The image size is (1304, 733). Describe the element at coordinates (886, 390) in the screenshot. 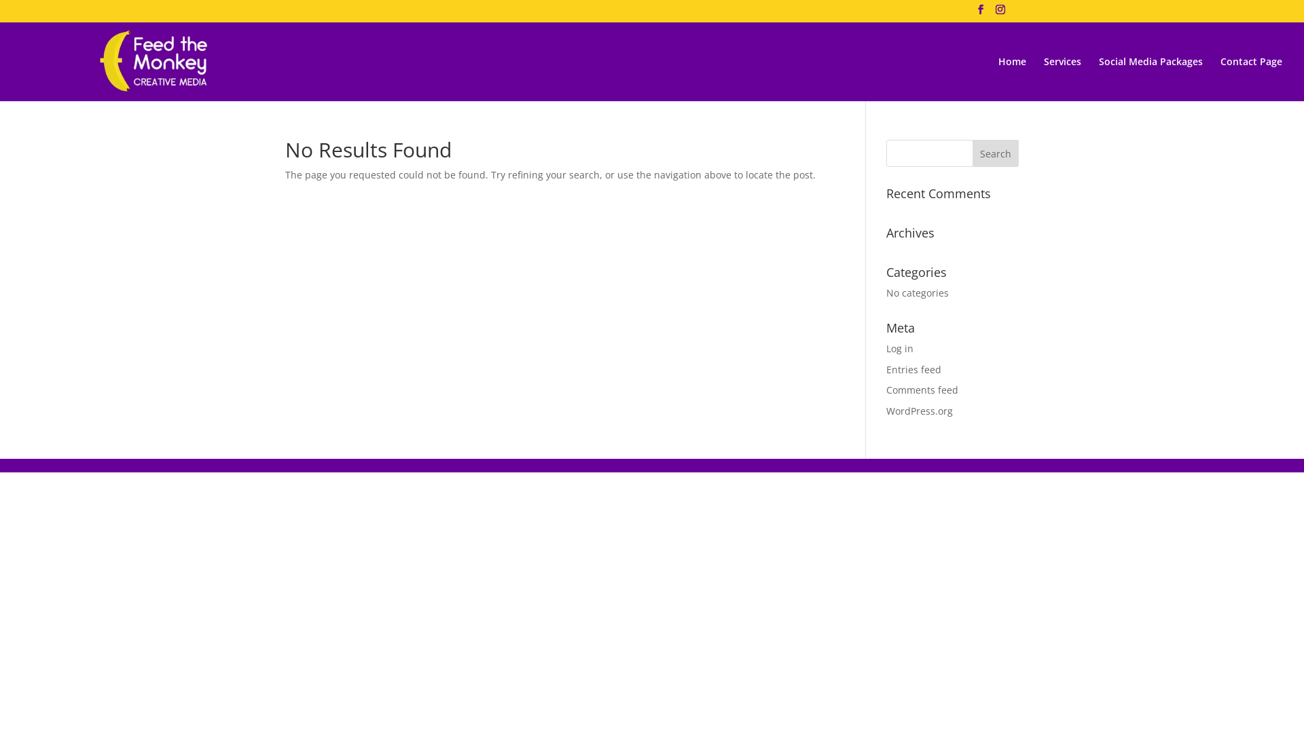

I see `'Comments feed'` at that location.